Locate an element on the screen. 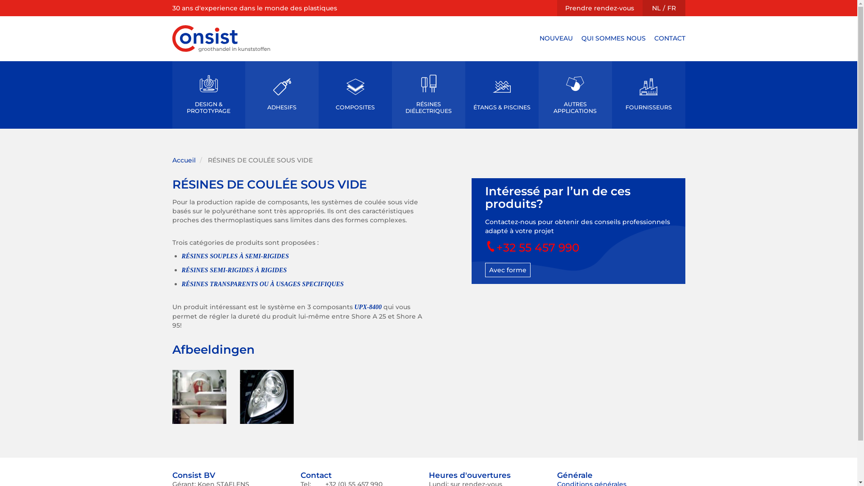  'NL' is located at coordinates (656, 8).